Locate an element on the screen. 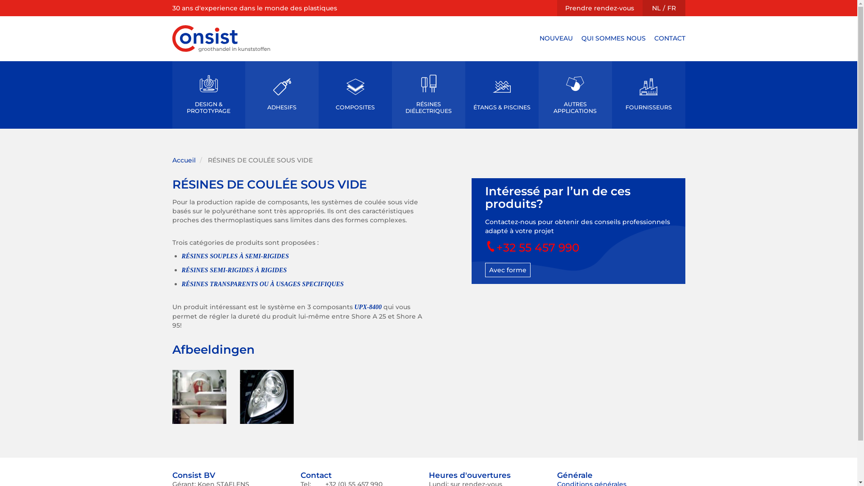  'NL' is located at coordinates (656, 8).